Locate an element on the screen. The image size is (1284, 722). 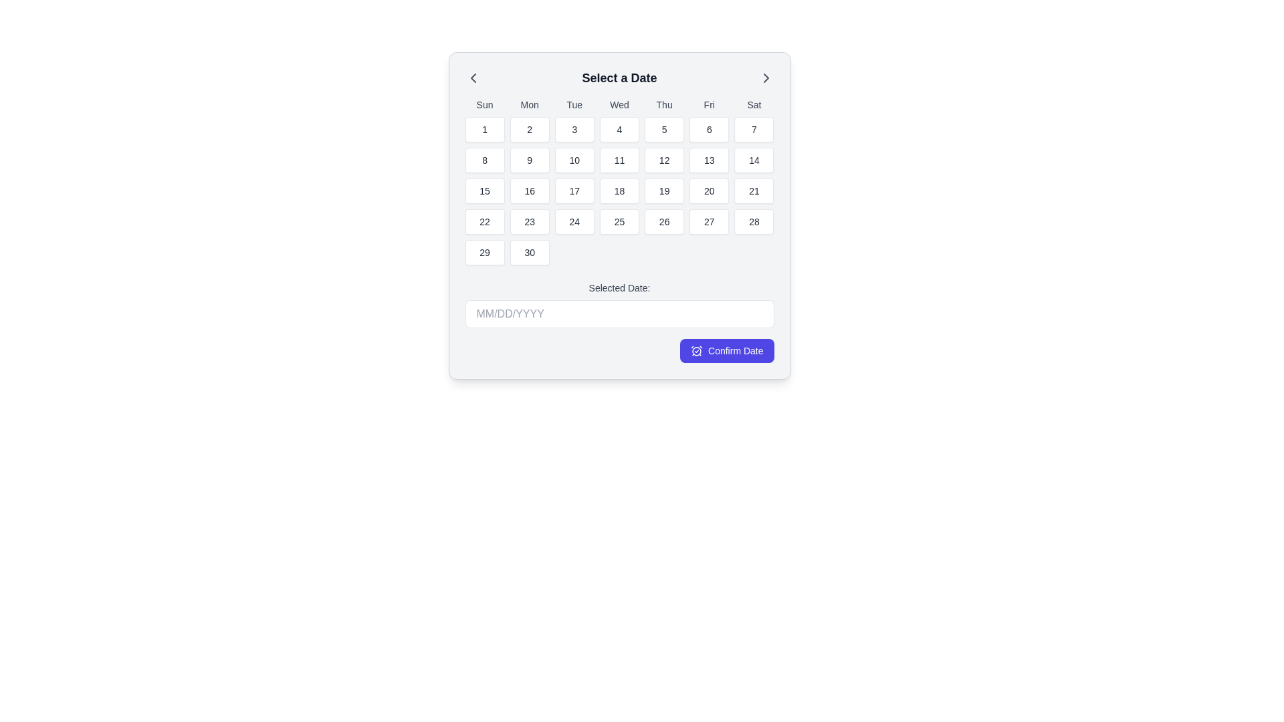
over the square button labeled '14' in the calendar interface, which is located in the fourth row and seventh column of the grid, with a white background and rounded corners is located at coordinates (754, 159).